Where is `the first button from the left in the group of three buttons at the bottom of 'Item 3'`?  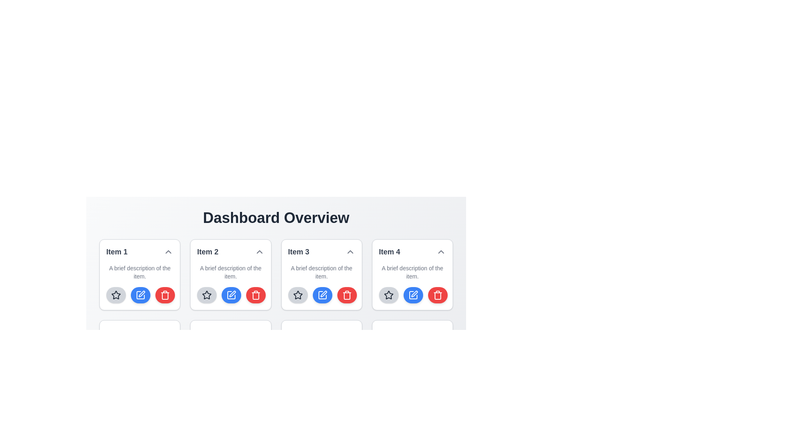
the first button from the left in the group of three buttons at the bottom of 'Item 3' is located at coordinates (207, 376).